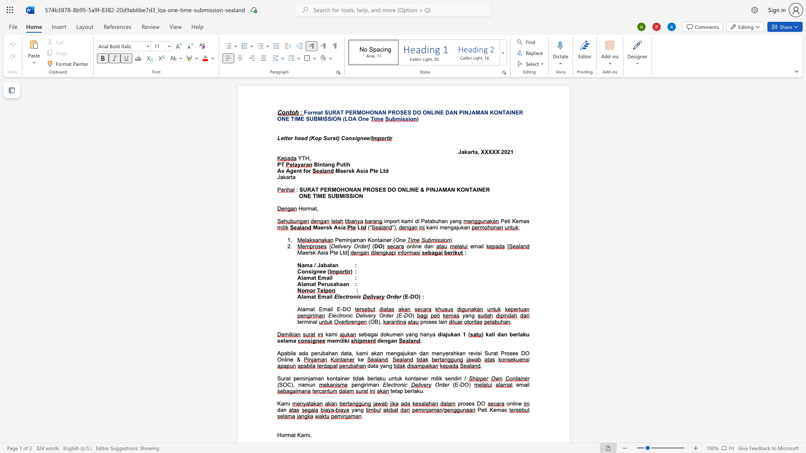 The image size is (806, 453). Describe the element at coordinates (515, 221) in the screenshot. I see `the subset text "ema" within the text "Peti Kemas"` at that location.